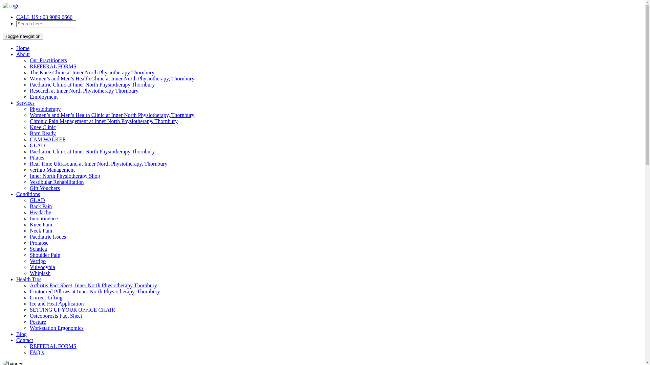 The image size is (650, 365). I want to click on 'Vulvodynia', so click(42, 267).